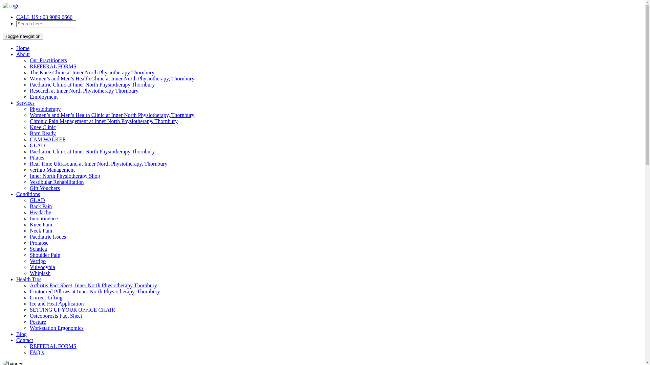 The image size is (650, 365). I want to click on 'Vulvodynia', so click(42, 267).